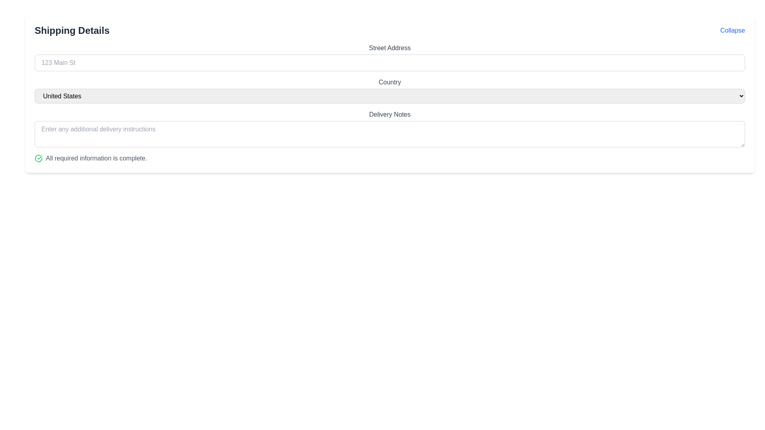  Describe the element at coordinates (96, 158) in the screenshot. I see `the informational text label confirming that all necessary information has been correctly filled out in the form, which is aligned to the left and positioned below the main shipping details form, next to a green checkmark icon` at that location.